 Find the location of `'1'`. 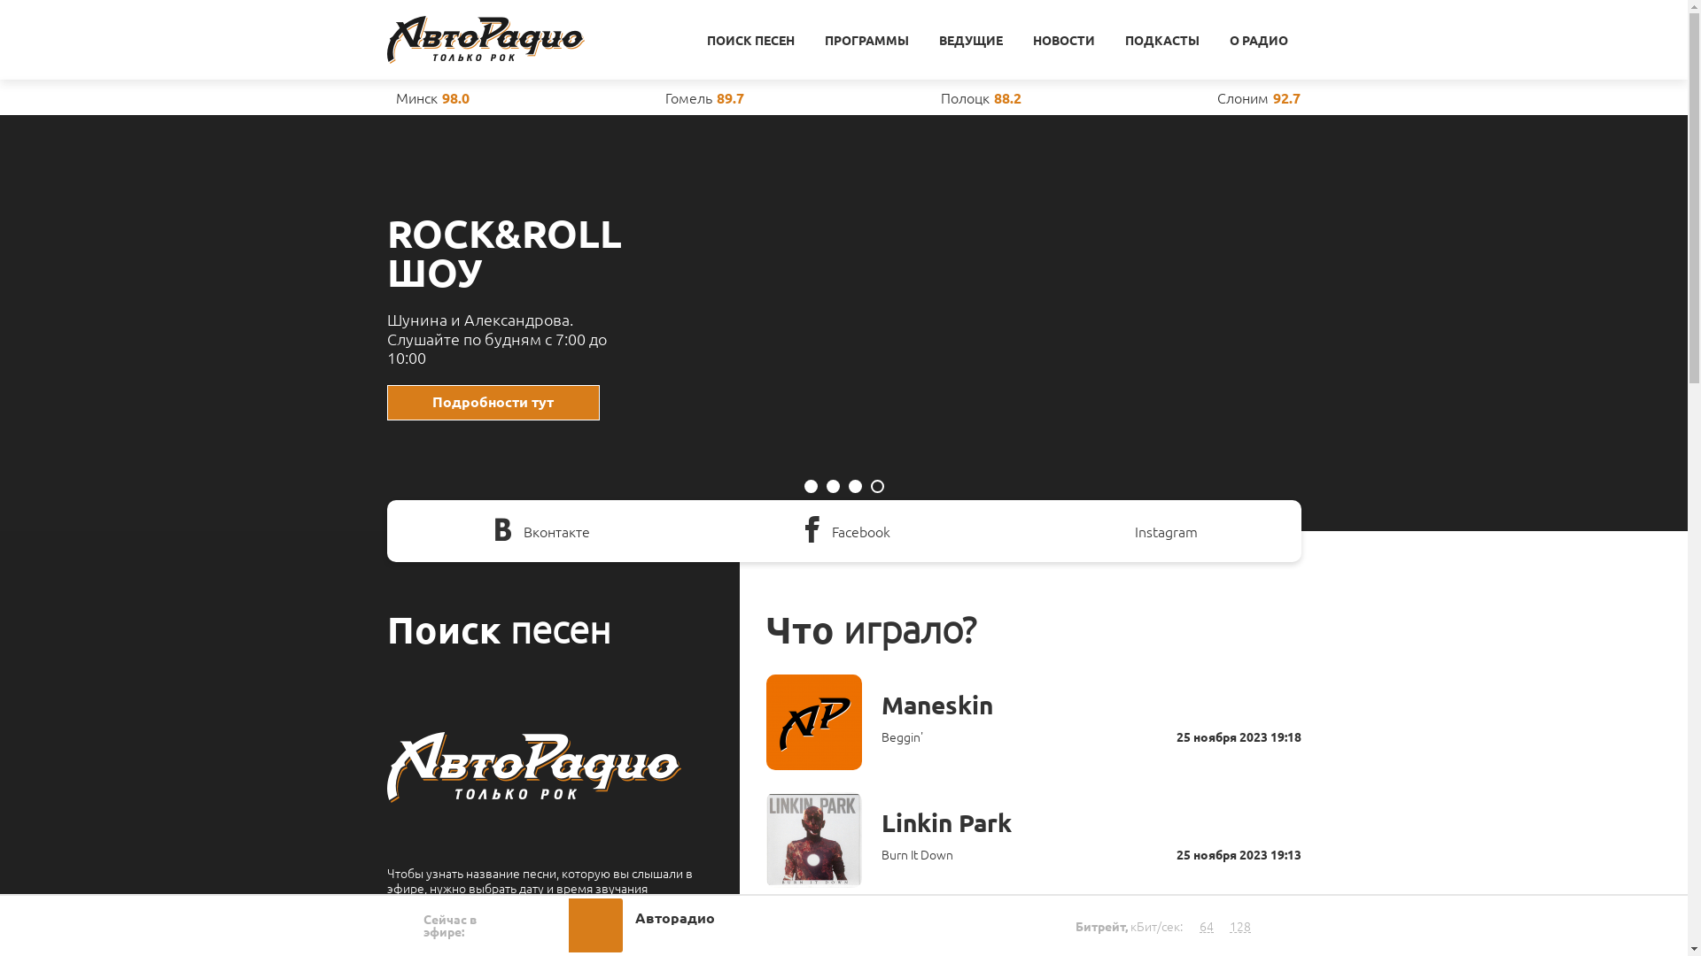

'1' is located at coordinates (810, 486).